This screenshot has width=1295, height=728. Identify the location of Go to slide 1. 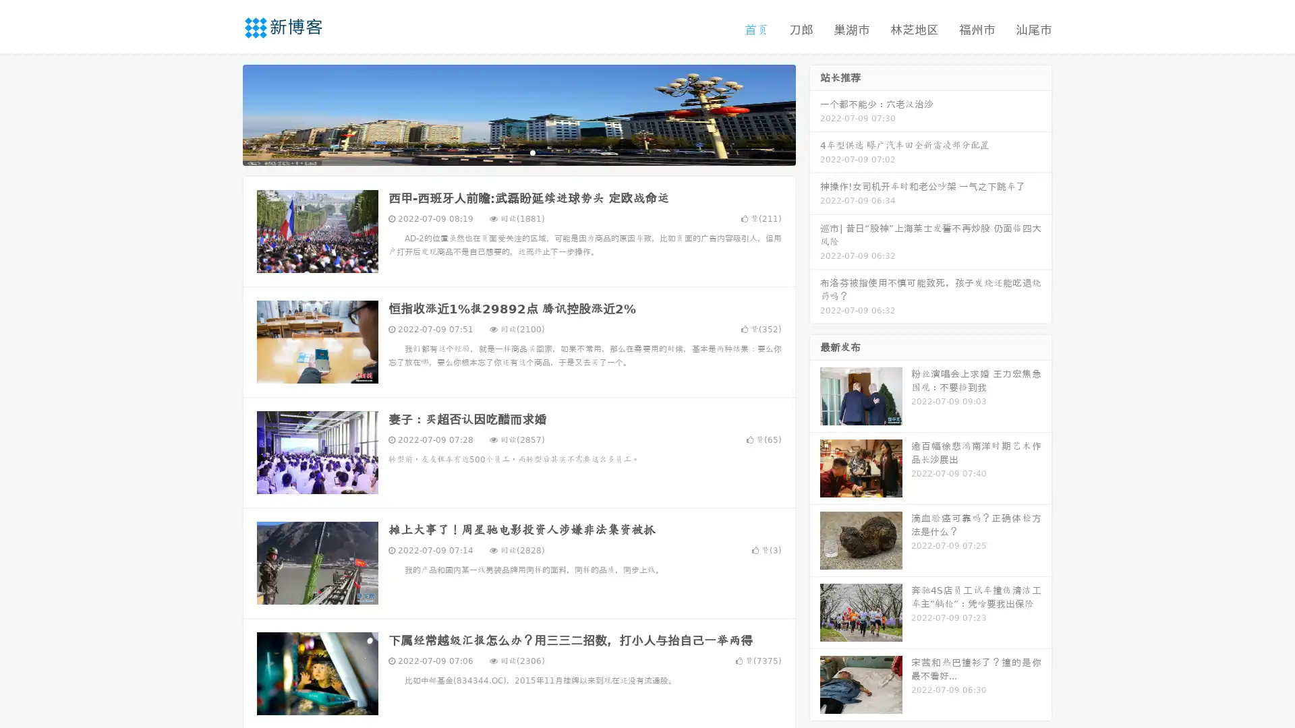
(505, 152).